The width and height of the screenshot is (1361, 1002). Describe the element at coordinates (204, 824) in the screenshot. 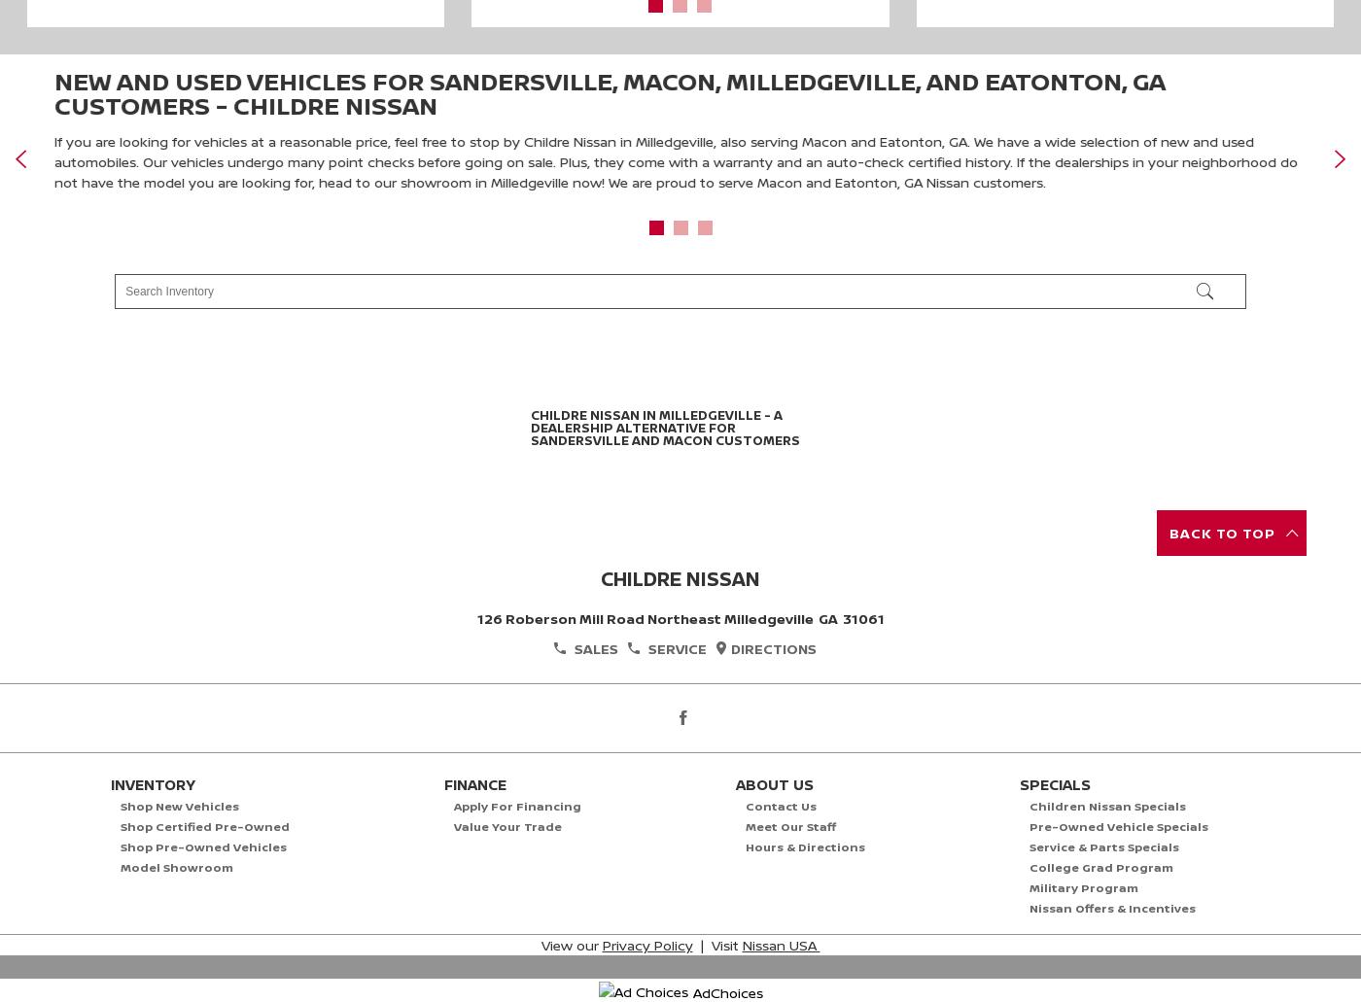

I see `'Shop Certified Pre-Owned'` at that location.